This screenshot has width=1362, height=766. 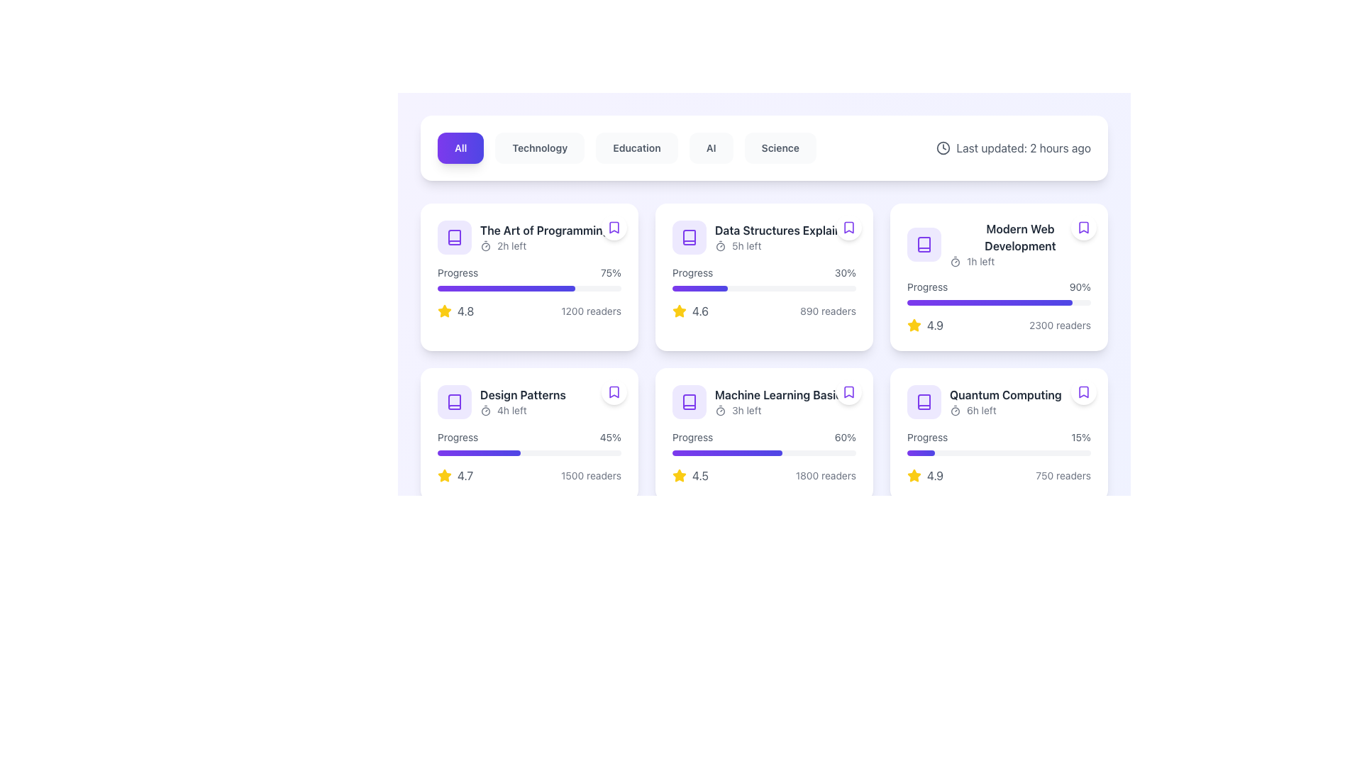 I want to click on the text label displaying '60%' which is aligned to the right of the text 'Progress' within a card layout, so click(x=845, y=437).